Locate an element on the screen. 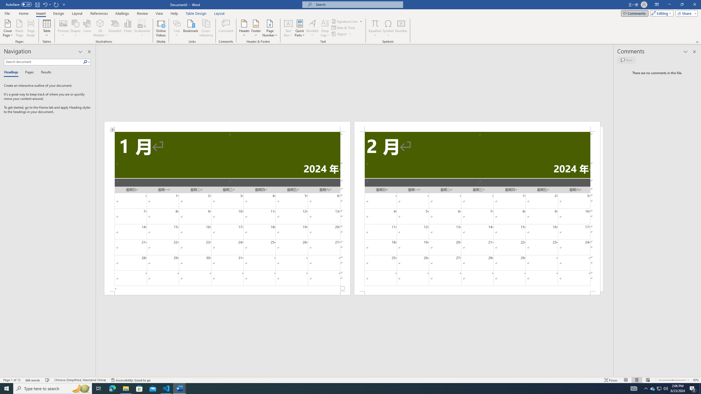 The height and width of the screenshot is (394, 701). 'Share' is located at coordinates (685, 13).